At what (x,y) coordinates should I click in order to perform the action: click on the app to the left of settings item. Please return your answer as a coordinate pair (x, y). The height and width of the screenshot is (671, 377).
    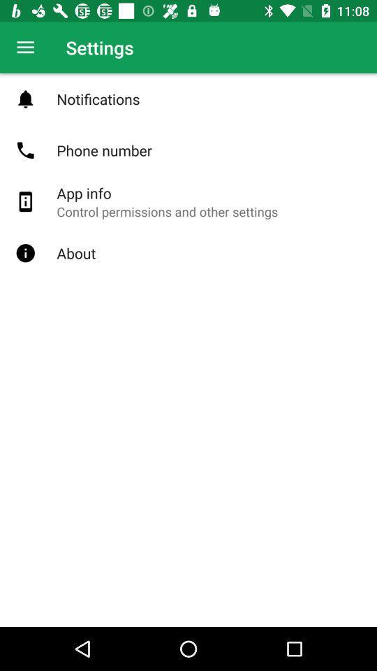
    Looking at the image, I should click on (25, 48).